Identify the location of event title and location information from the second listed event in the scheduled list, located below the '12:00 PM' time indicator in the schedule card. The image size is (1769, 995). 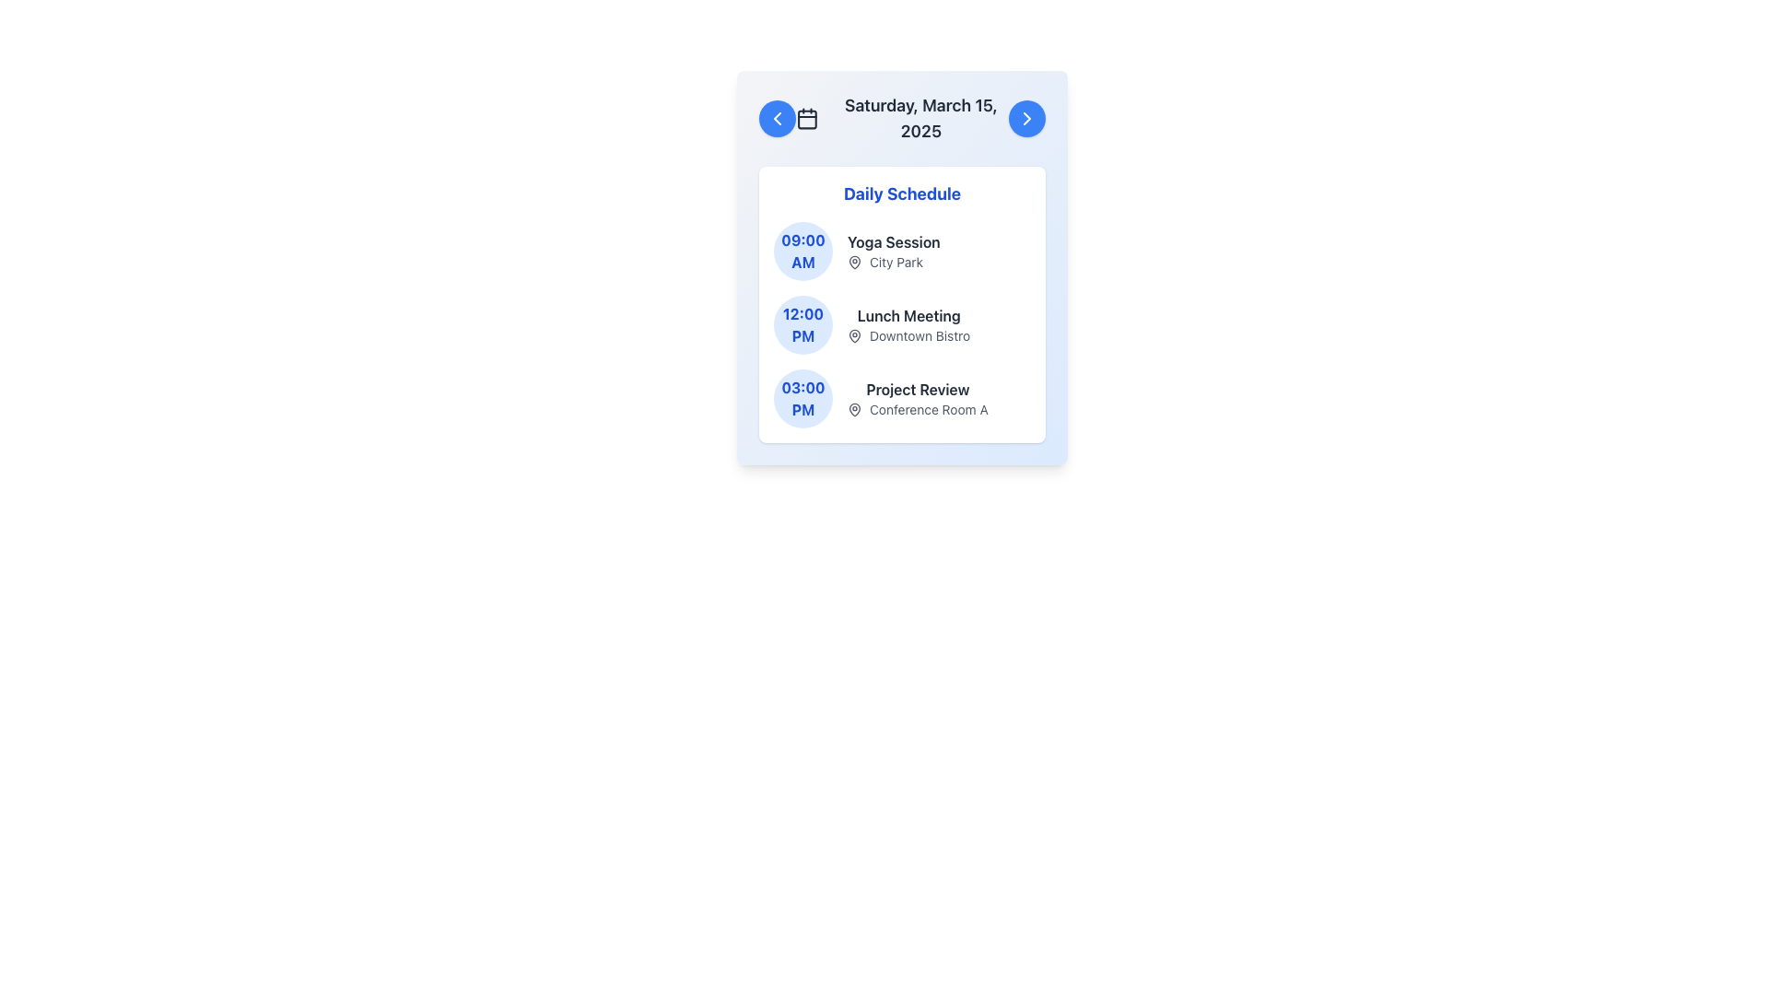
(908, 324).